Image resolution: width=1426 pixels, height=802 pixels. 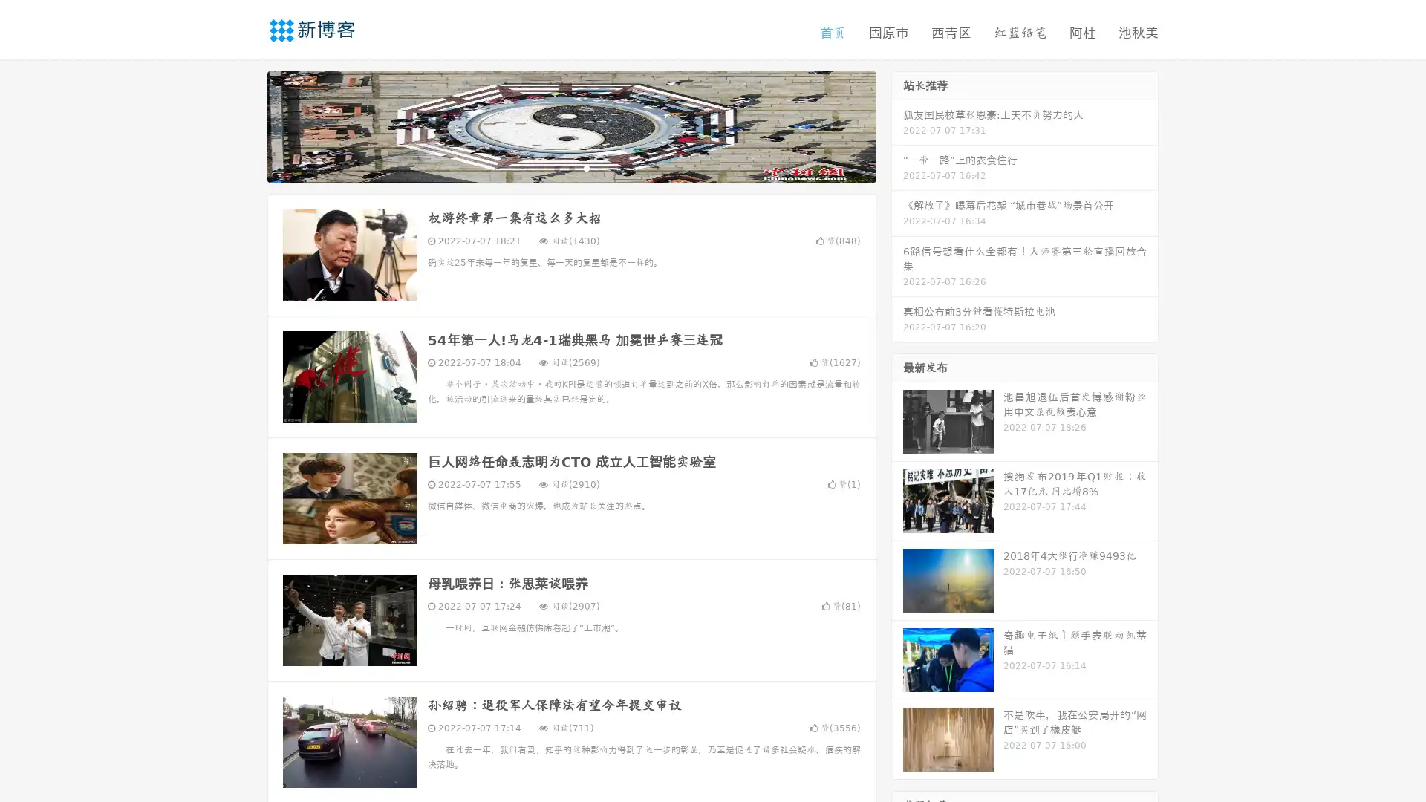 I want to click on Go to slide 1, so click(x=556, y=167).